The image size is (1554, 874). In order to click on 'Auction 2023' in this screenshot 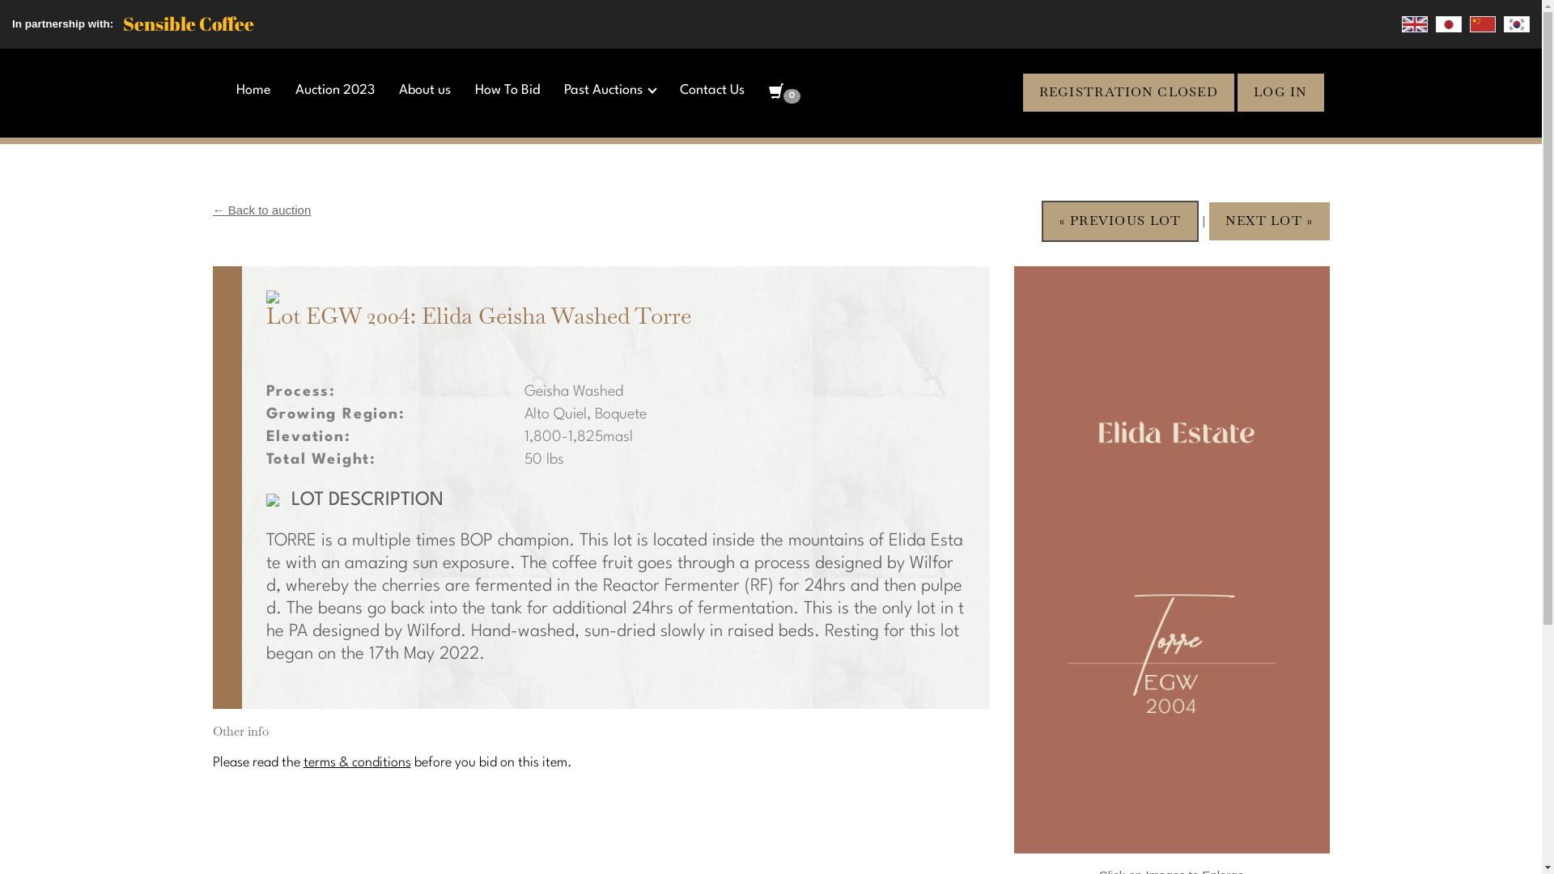, I will do `click(333, 90)`.